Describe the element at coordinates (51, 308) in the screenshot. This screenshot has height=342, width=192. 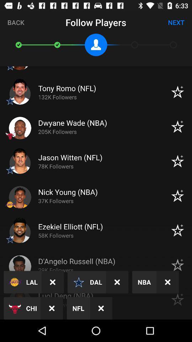
I see `the icon next to nfl` at that location.